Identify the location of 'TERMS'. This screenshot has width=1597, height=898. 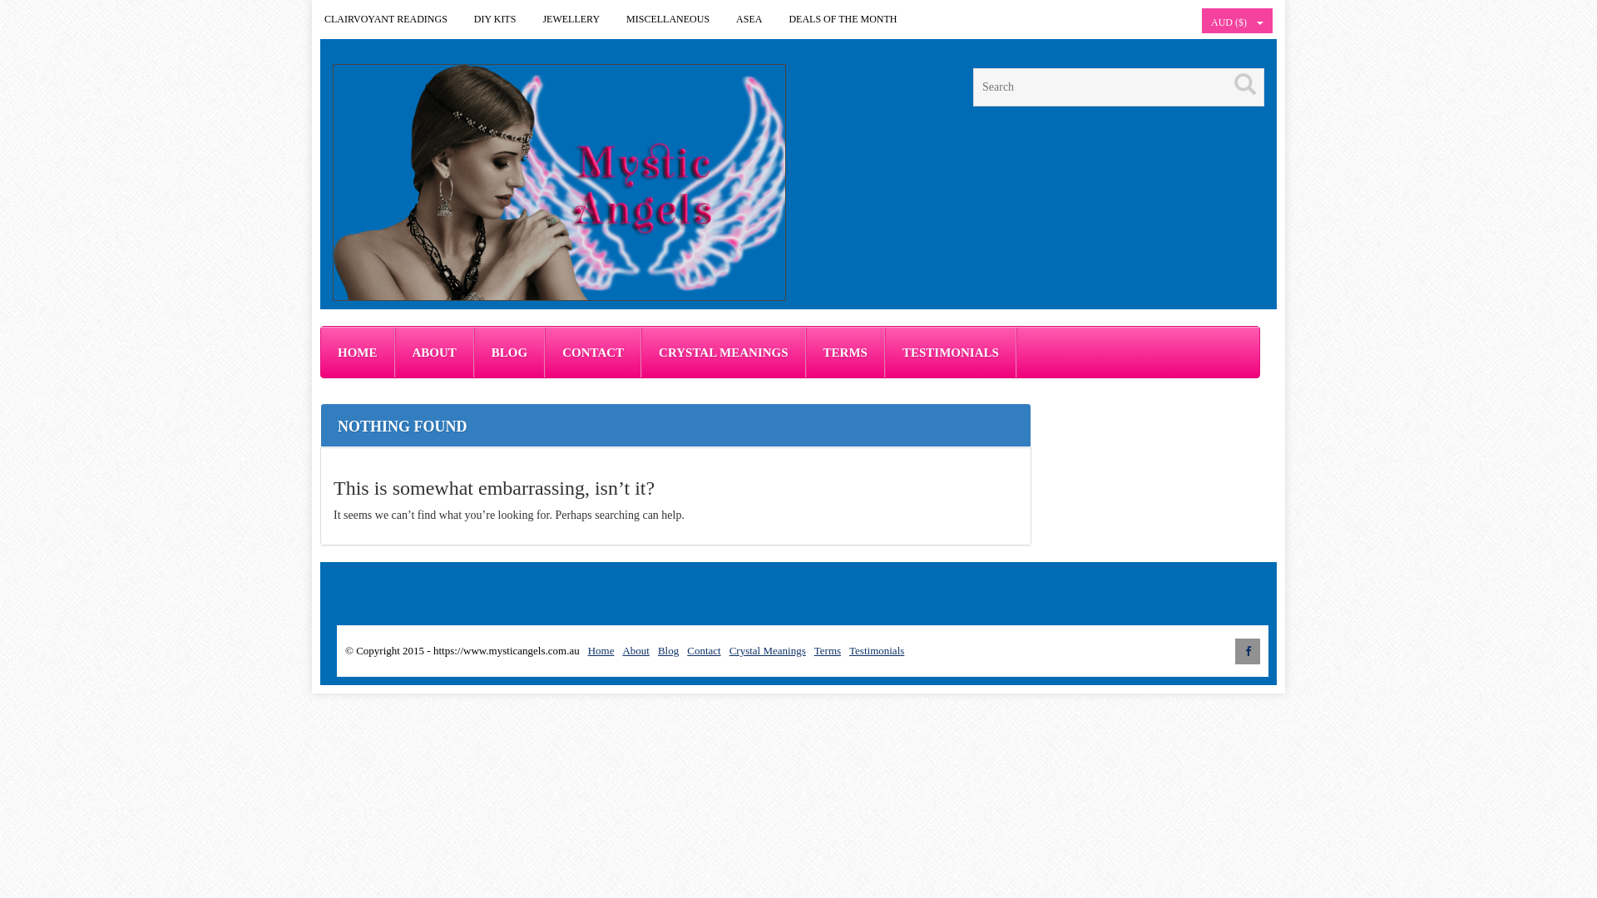
(845, 352).